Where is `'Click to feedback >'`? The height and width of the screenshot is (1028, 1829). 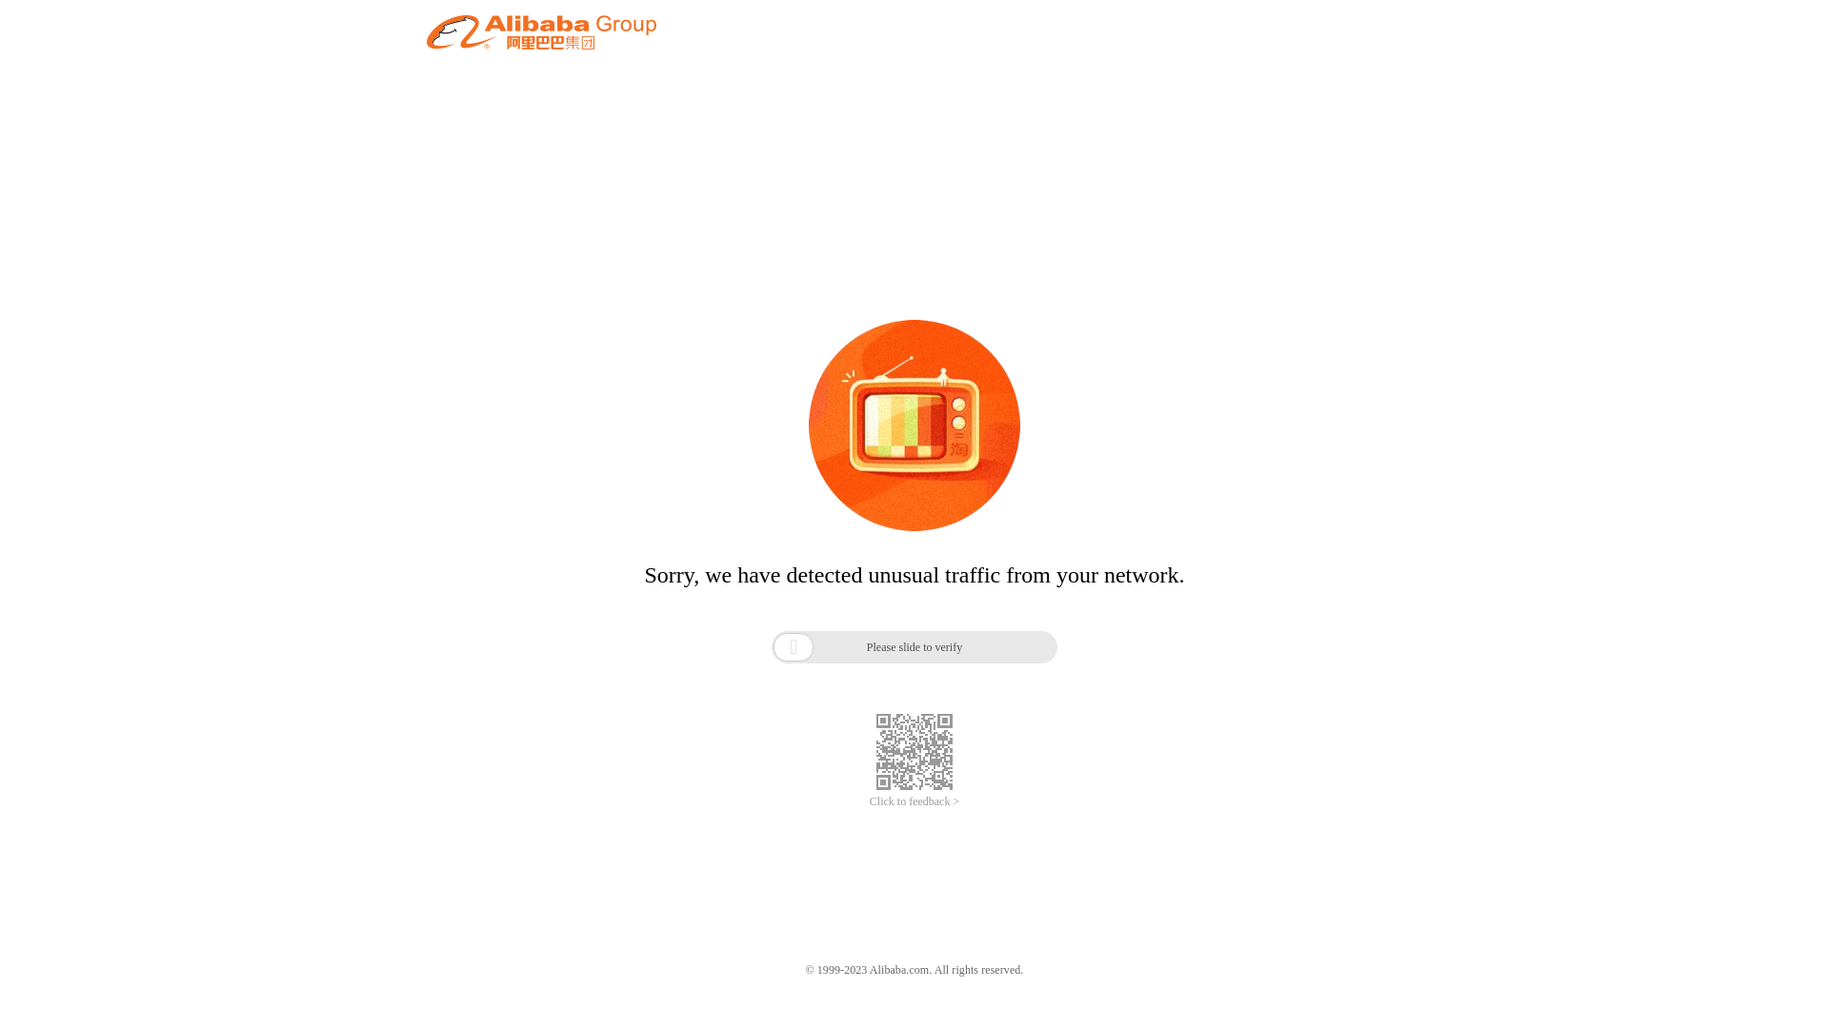
'Click to feedback >' is located at coordinates (868, 801).